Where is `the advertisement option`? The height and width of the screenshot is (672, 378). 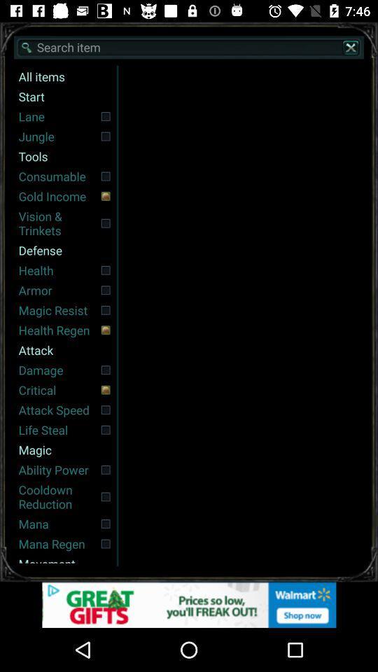
the advertisement option is located at coordinates (189, 604).